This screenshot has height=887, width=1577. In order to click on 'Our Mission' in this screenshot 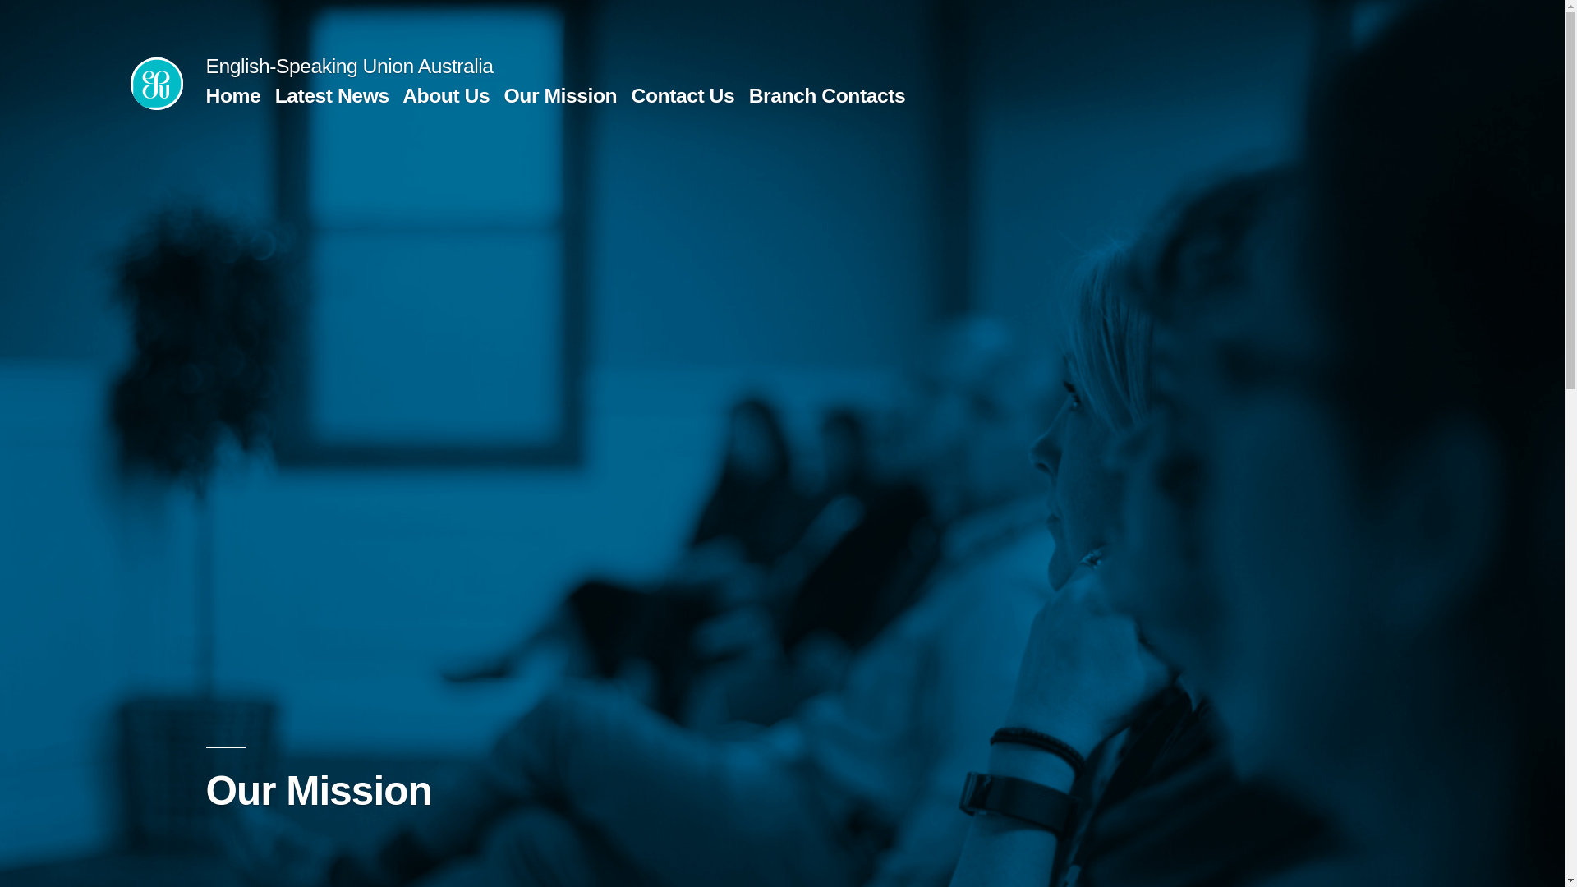, I will do `click(560, 95)`.